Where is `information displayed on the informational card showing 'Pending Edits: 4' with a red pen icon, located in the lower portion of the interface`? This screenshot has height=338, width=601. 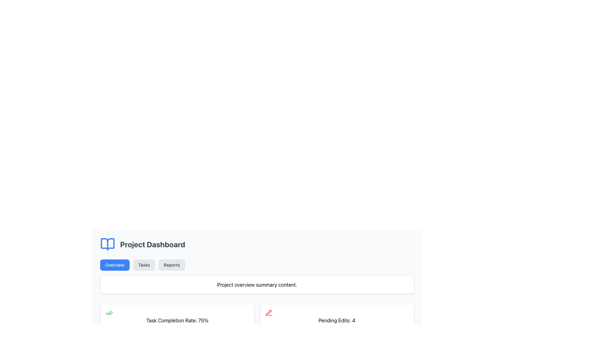
information displayed on the informational card showing 'Pending Edits: 4' with a red pen icon, located in the lower portion of the interface is located at coordinates (336, 316).